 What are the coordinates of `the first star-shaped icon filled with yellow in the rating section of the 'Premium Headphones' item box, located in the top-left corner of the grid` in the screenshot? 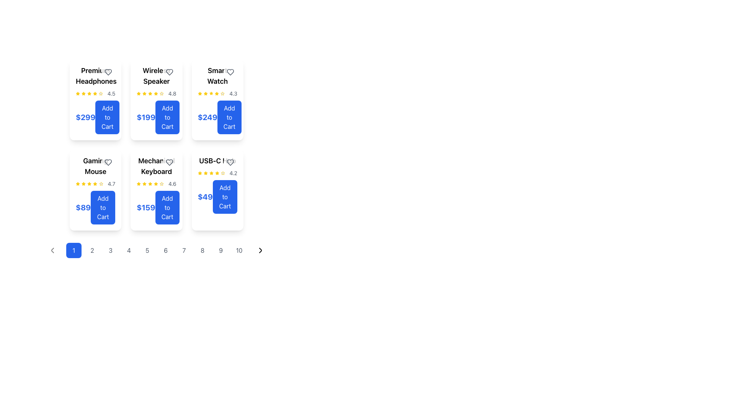 It's located at (78, 93).